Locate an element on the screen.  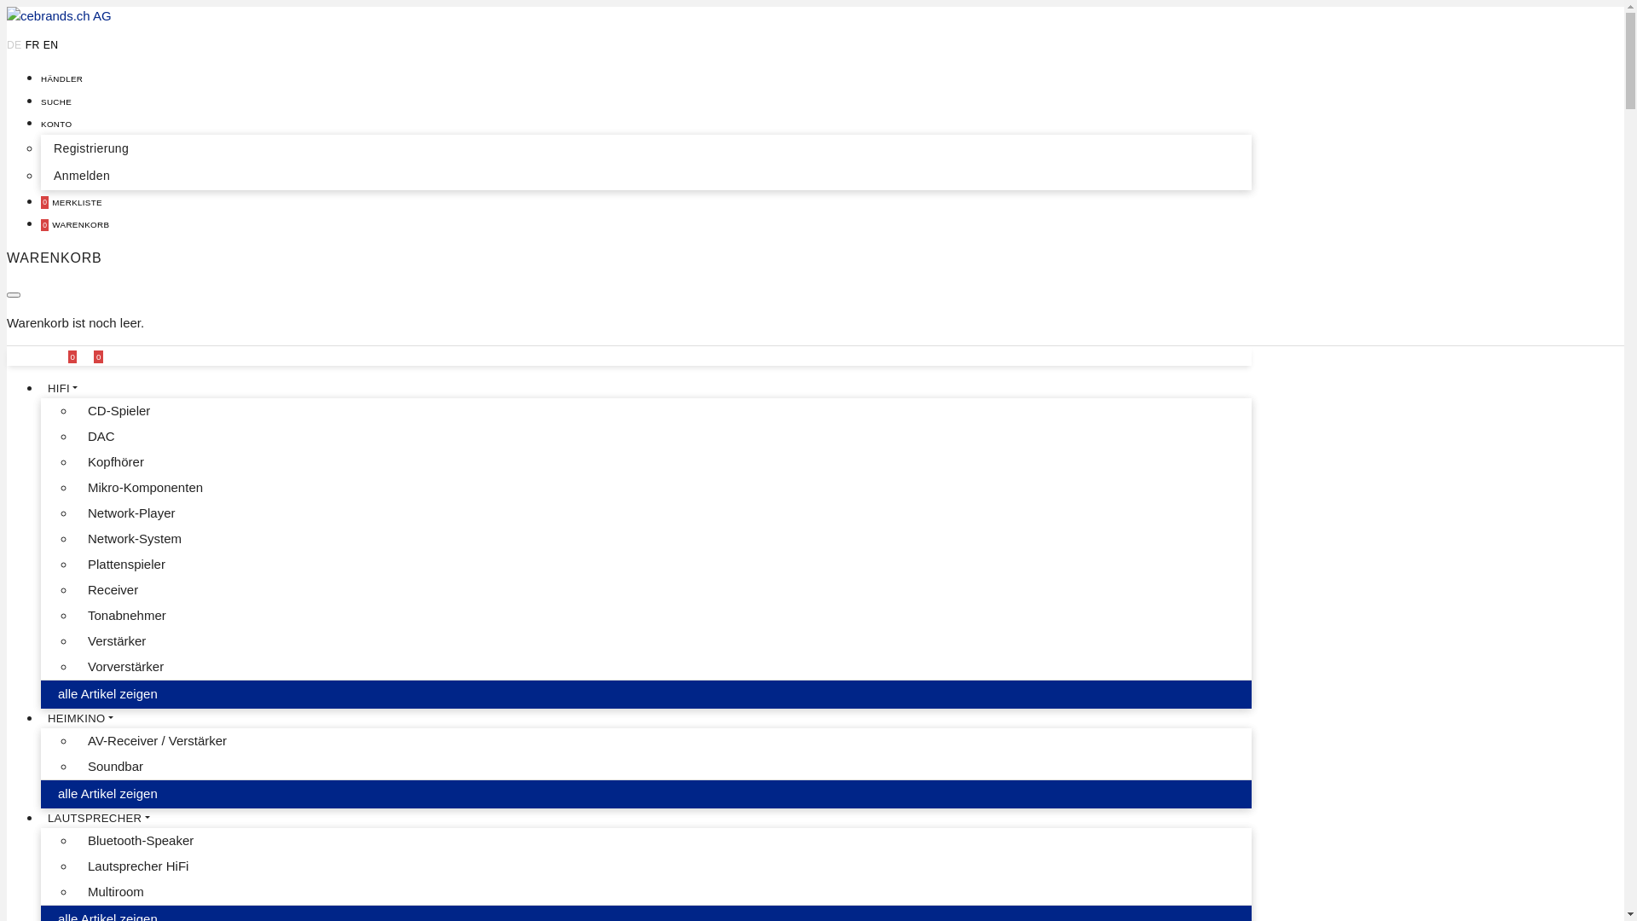
'Registrierung' is located at coordinates (645, 148).